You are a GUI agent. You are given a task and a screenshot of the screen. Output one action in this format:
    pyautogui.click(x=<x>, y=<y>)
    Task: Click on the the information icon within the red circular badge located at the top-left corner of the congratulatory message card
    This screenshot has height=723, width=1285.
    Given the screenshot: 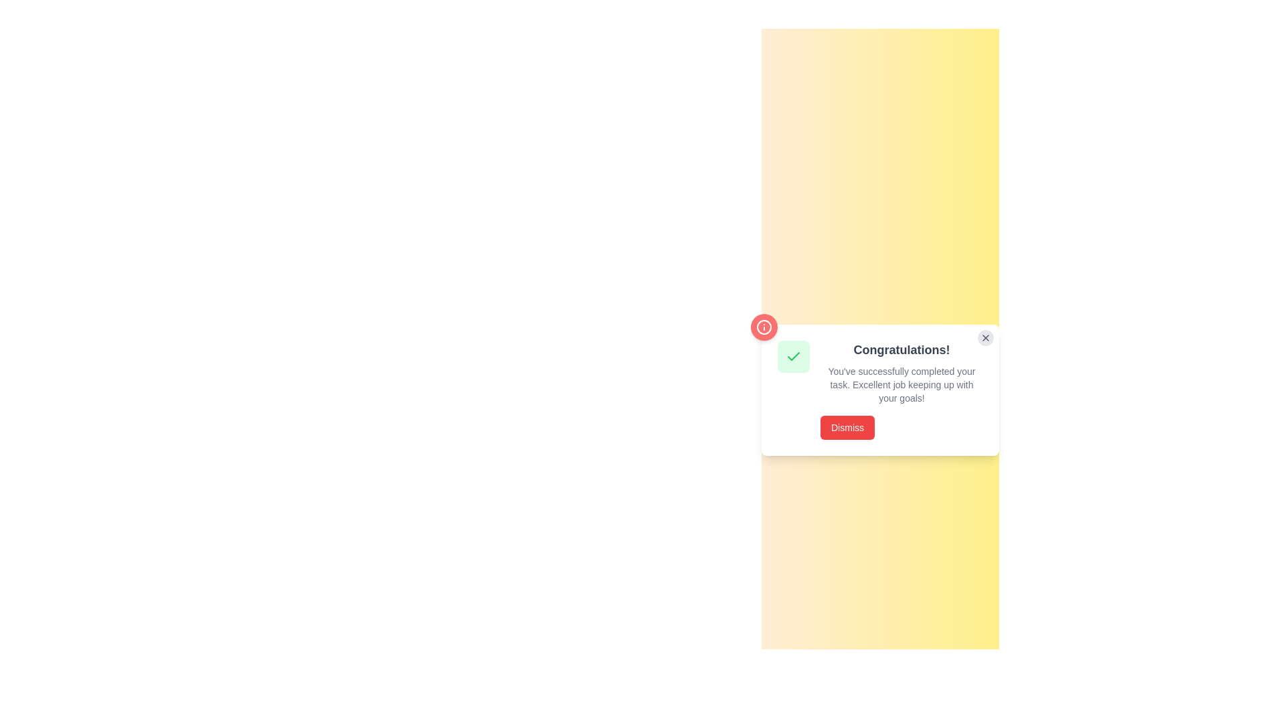 What is the action you would take?
    pyautogui.click(x=764, y=327)
    